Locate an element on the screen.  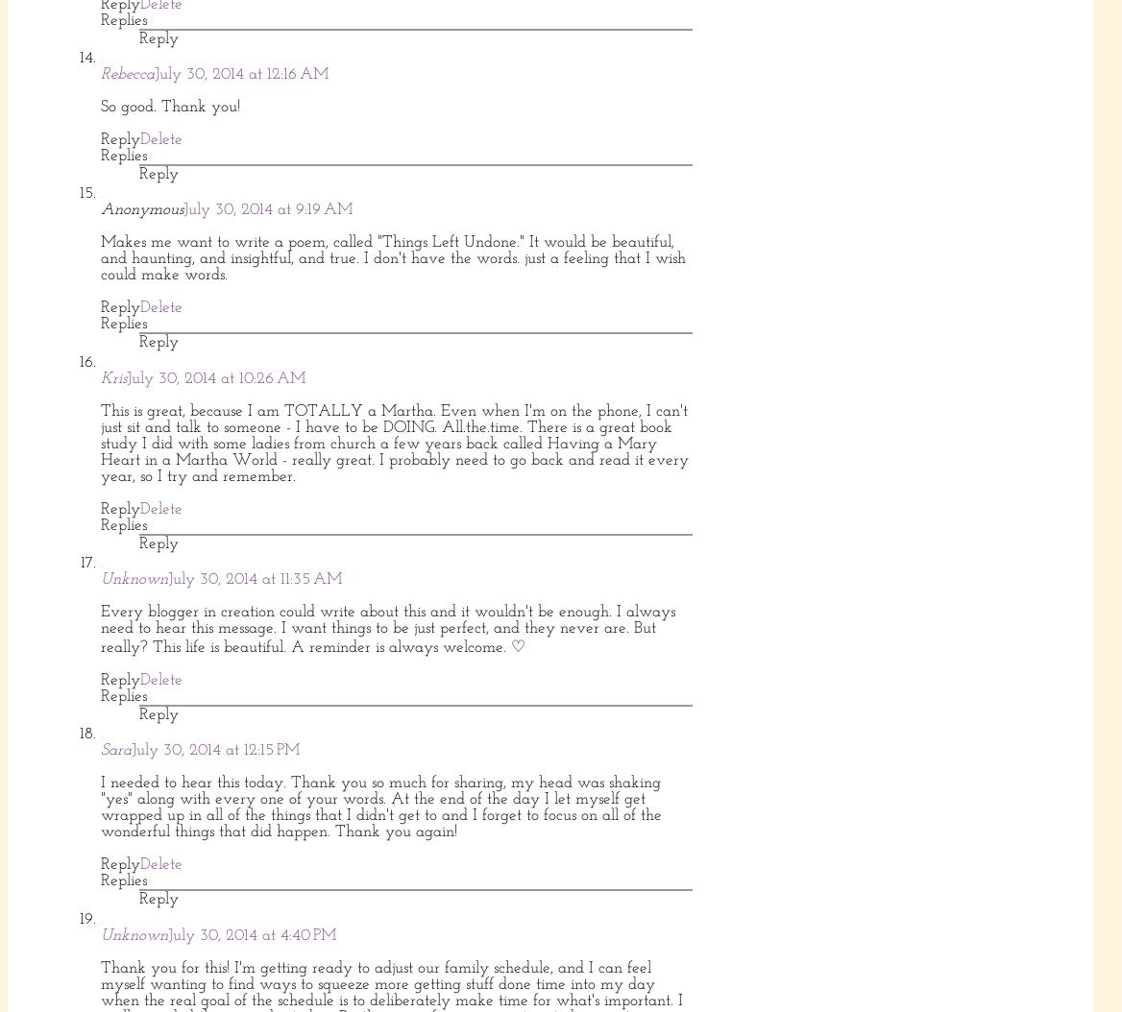
'Rebecca' is located at coordinates (127, 72).